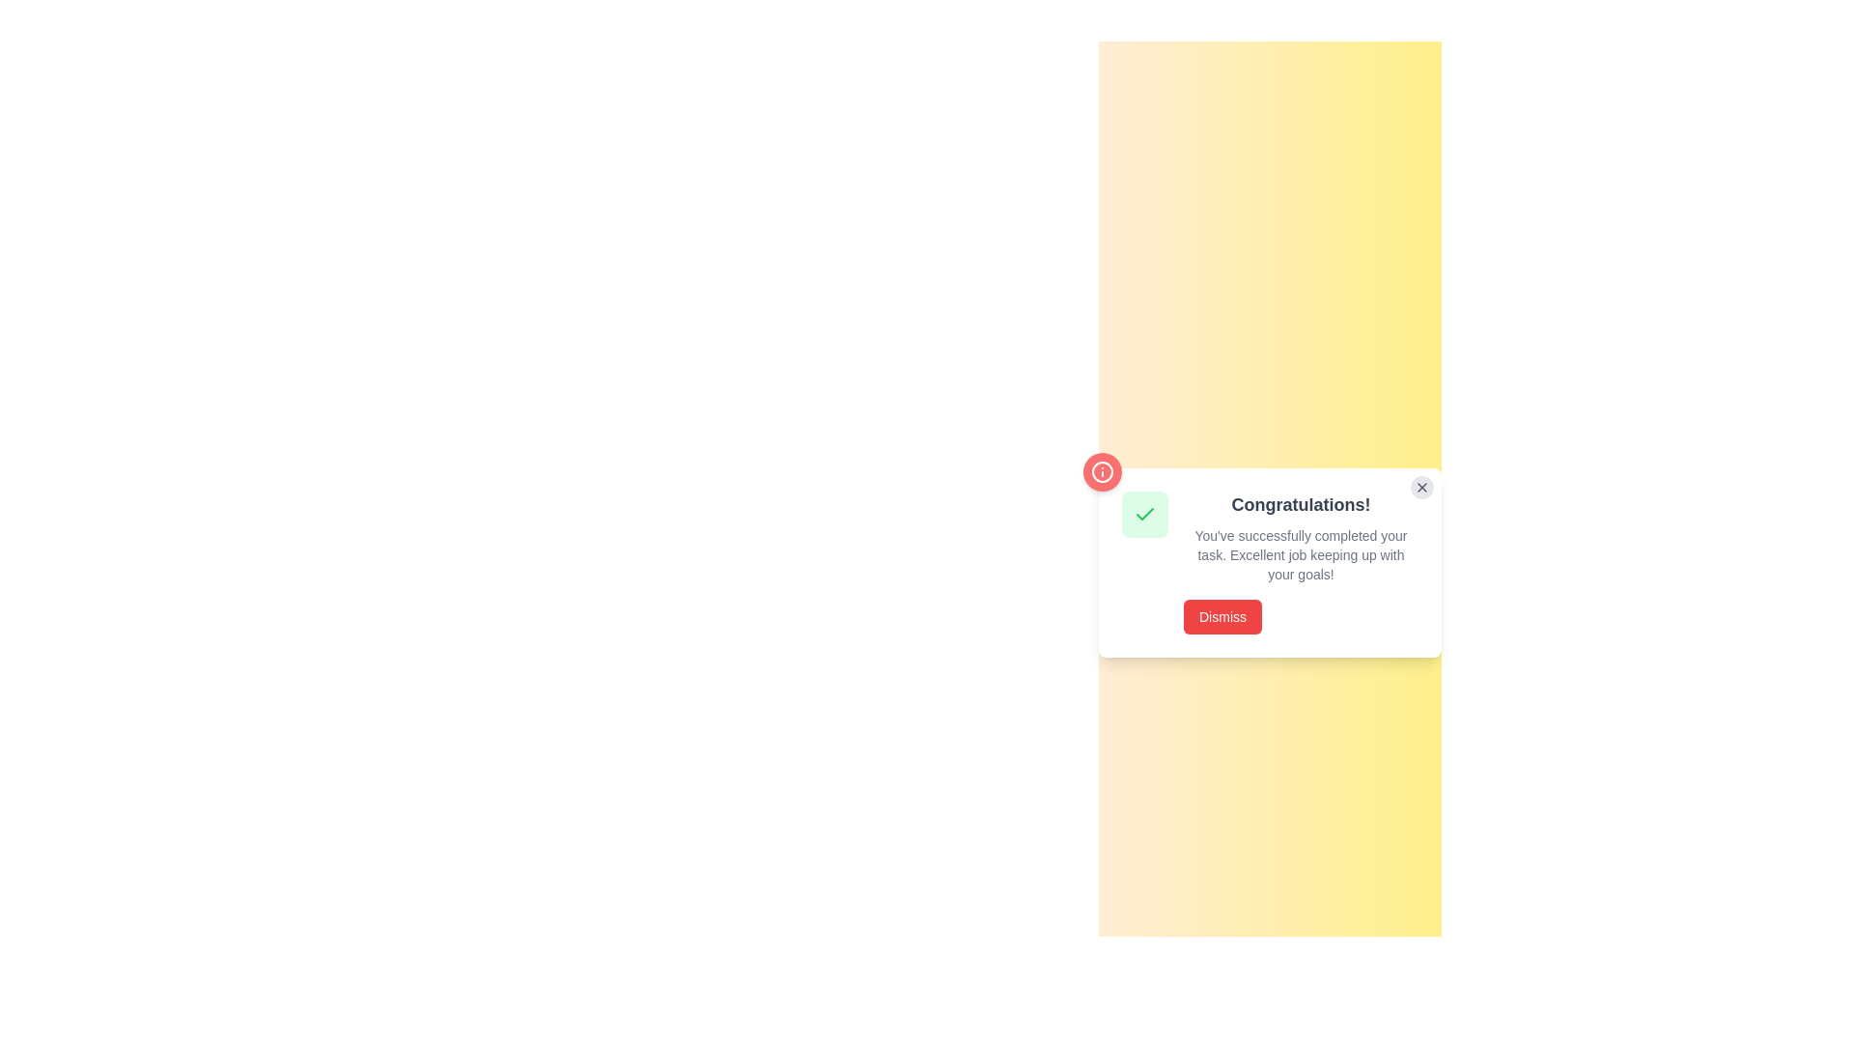  I want to click on the close icon located at the top-right corner of the notification card, so click(1422, 487).